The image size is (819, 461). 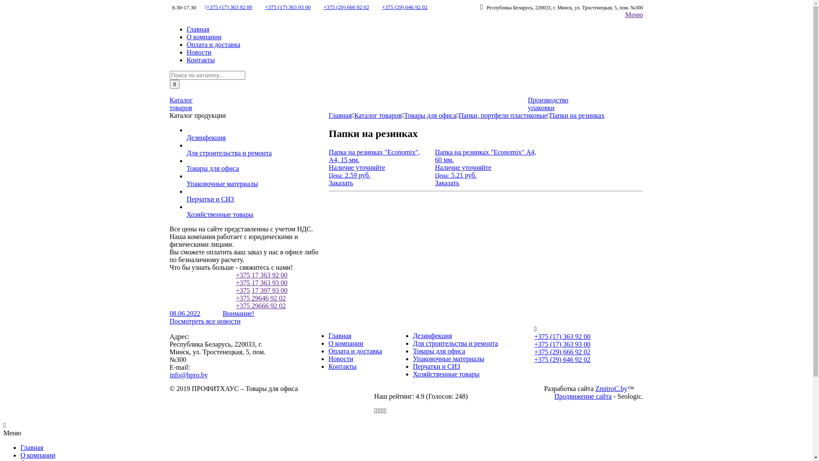 I want to click on 'ZmitroC.by', so click(x=611, y=388).